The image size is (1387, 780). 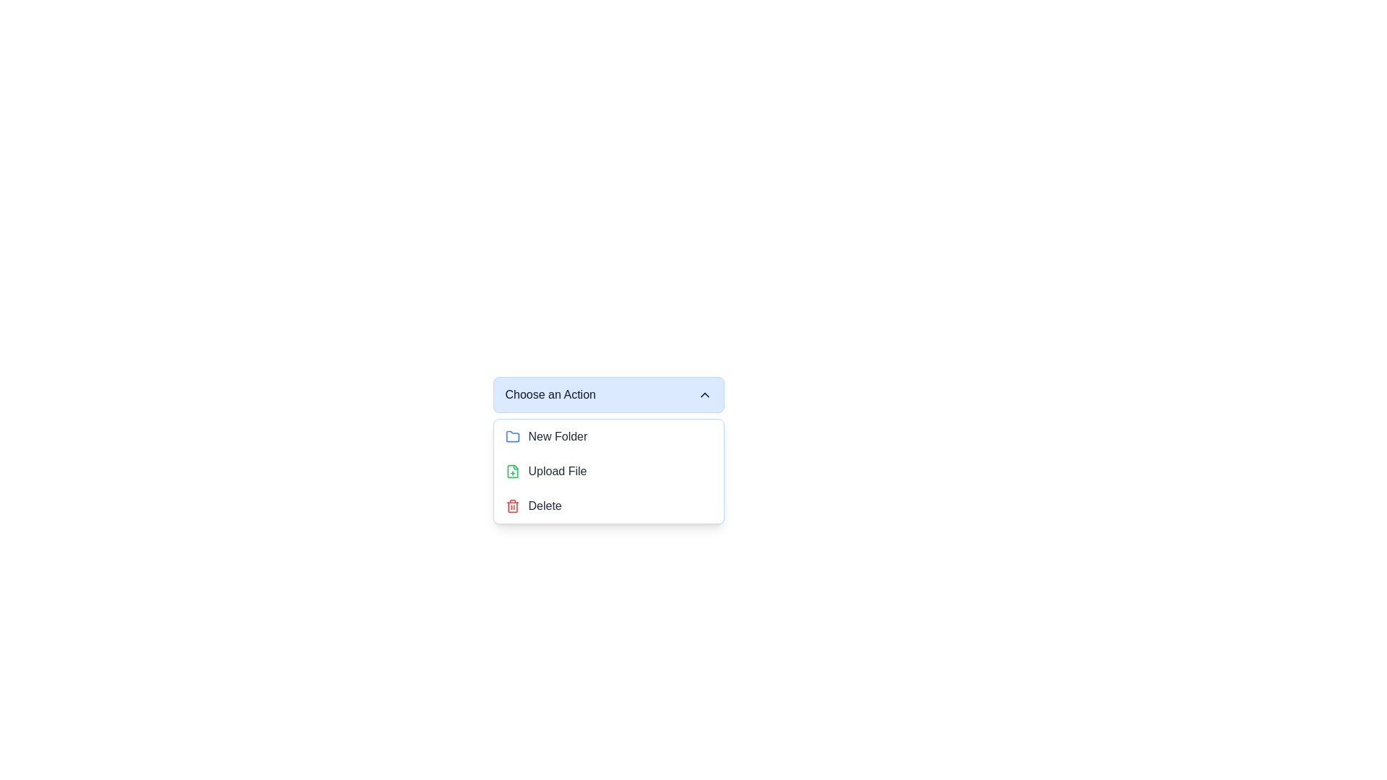 I want to click on the upward-pointing chevron icon located on the right side of the 'Choose an Action' bar, so click(x=704, y=395).